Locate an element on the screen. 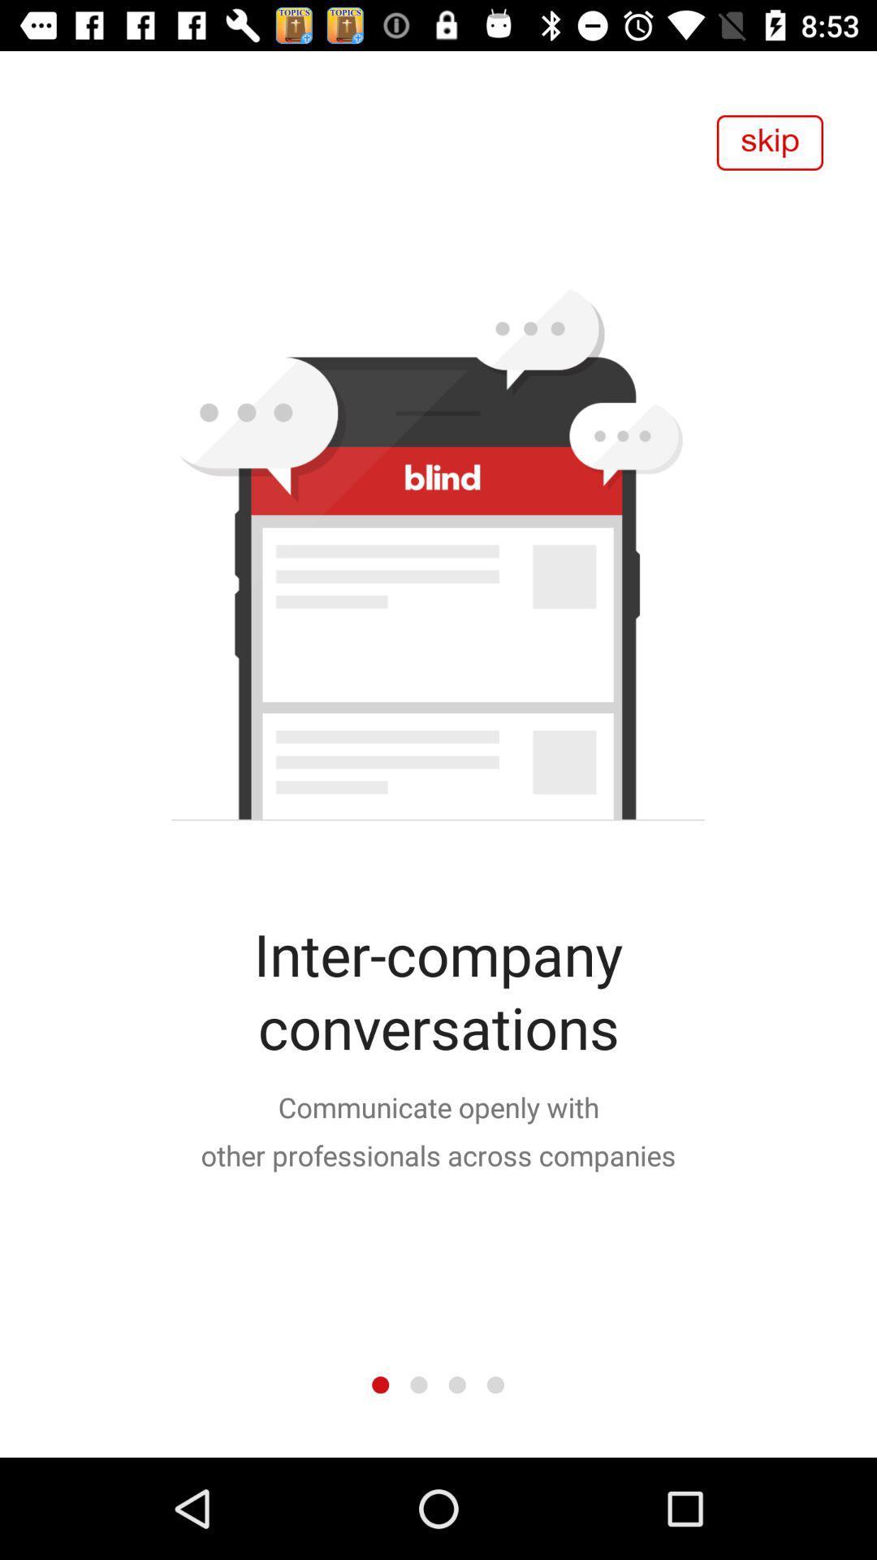 The image size is (877, 1560). skip this is located at coordinates (769, 142).